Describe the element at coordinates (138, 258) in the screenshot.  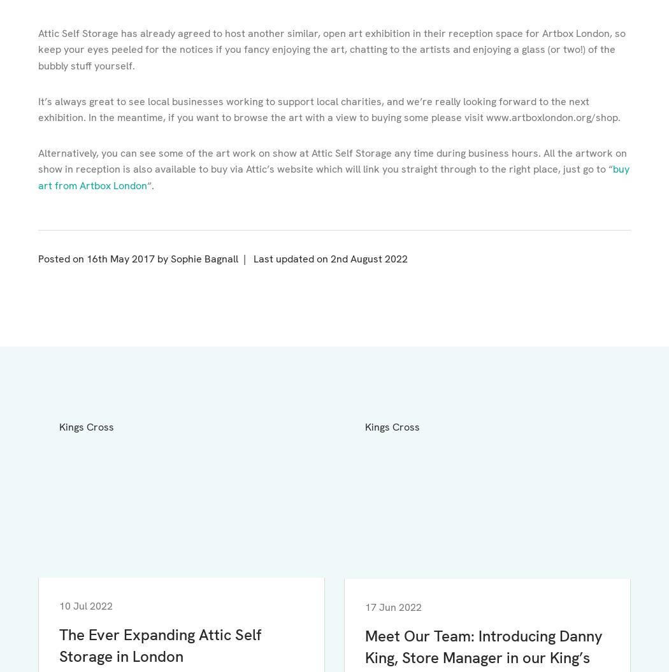
I see `'Posted on 16th May 2017 by Sophie Bagnall'` at that location.